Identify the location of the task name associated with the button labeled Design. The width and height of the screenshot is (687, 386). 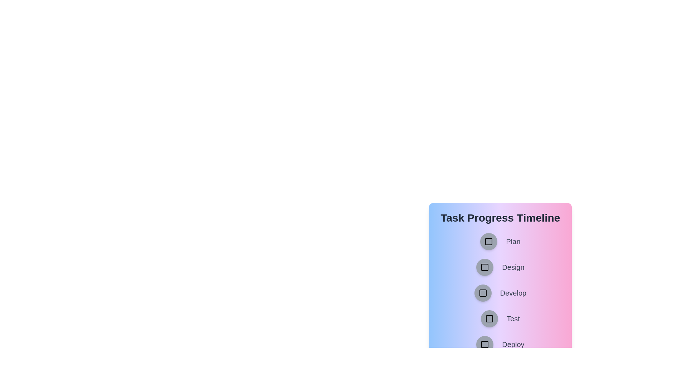
(513, 267).